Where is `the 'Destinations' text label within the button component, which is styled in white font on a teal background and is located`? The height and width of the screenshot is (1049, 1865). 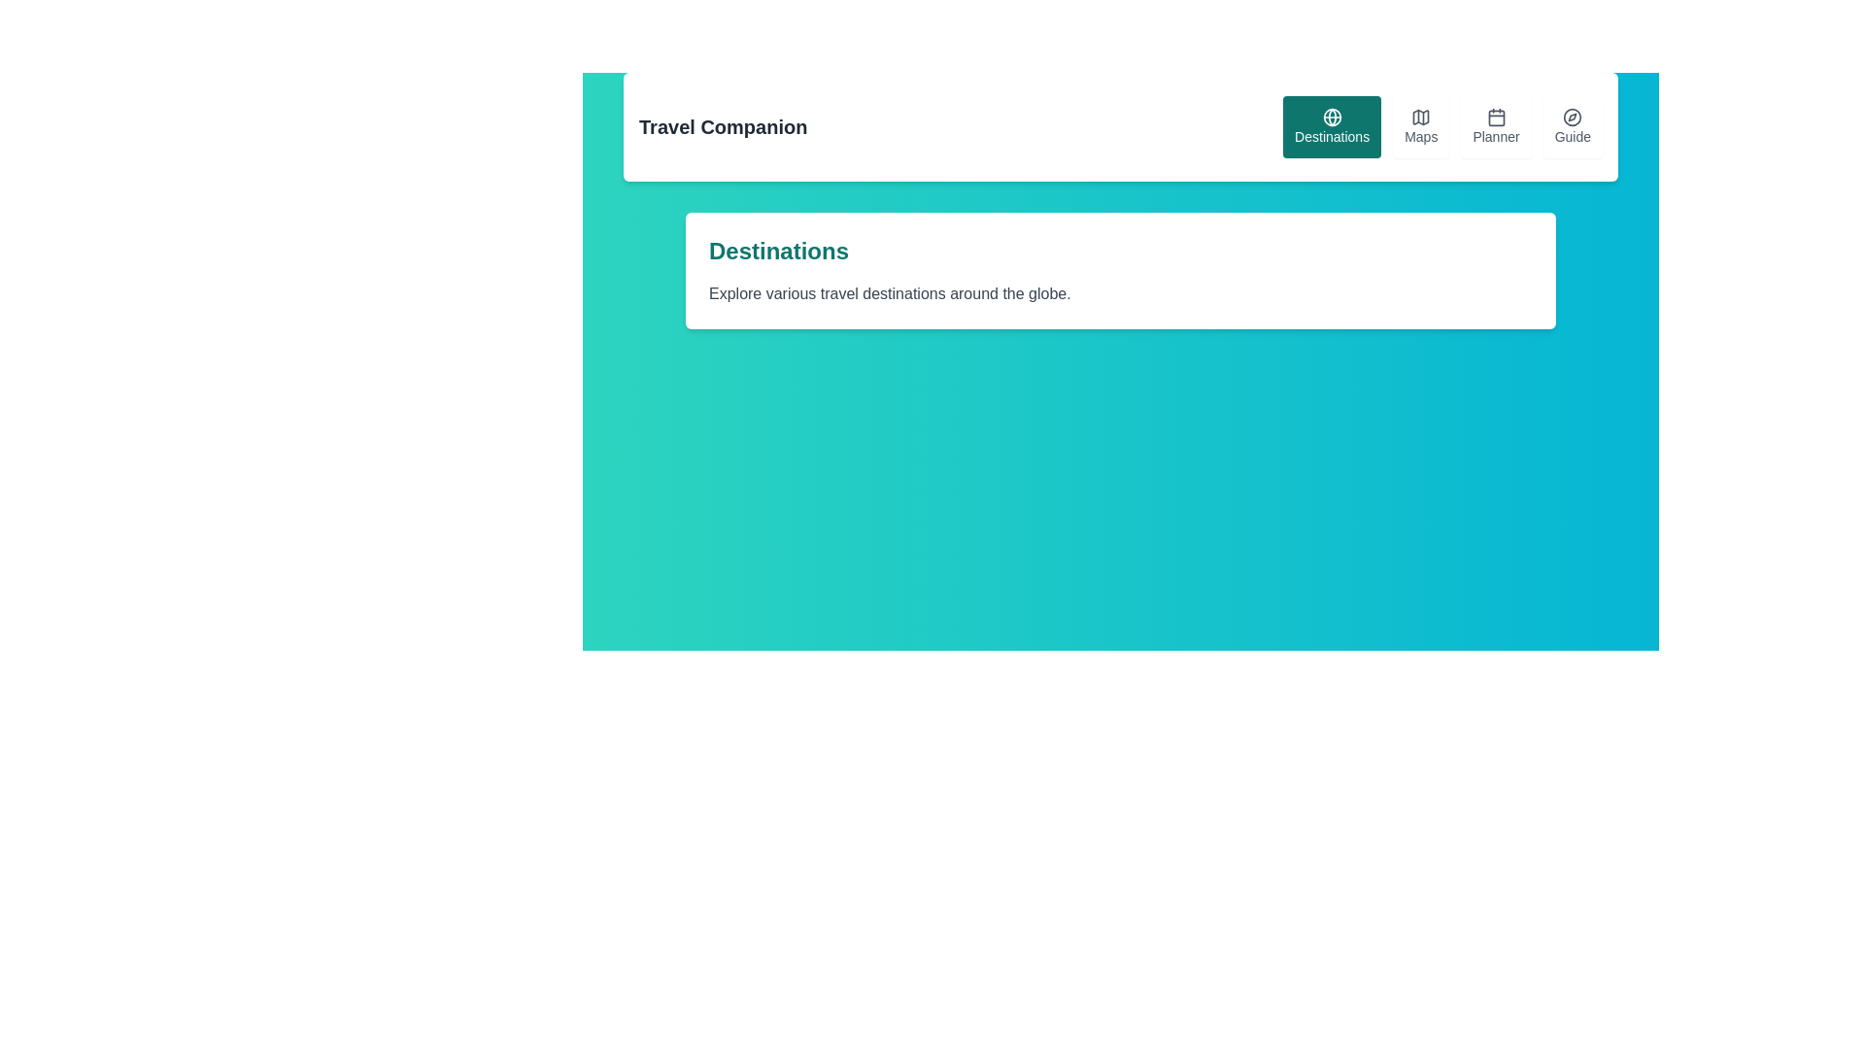
the 'Destinations' text label within the button component, which is styled in white font on a teal background and is located is located at coordinates (1331, 136).